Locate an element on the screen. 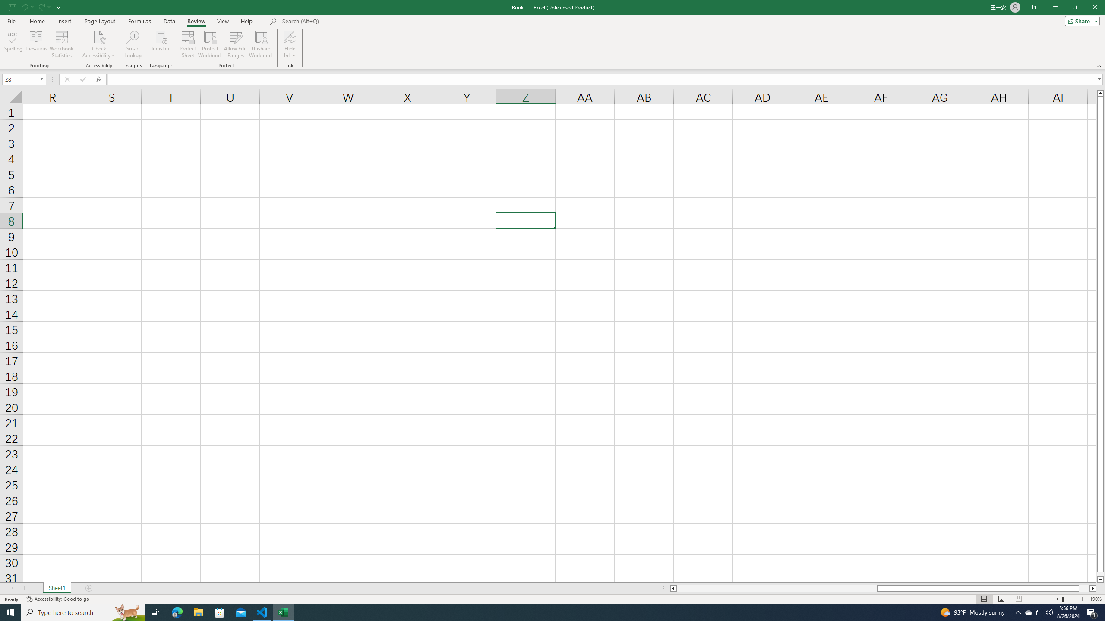 The width and height of the screenshot is (1105, 621). 'Protect Workbook...' is located at coordinates (210, 44).